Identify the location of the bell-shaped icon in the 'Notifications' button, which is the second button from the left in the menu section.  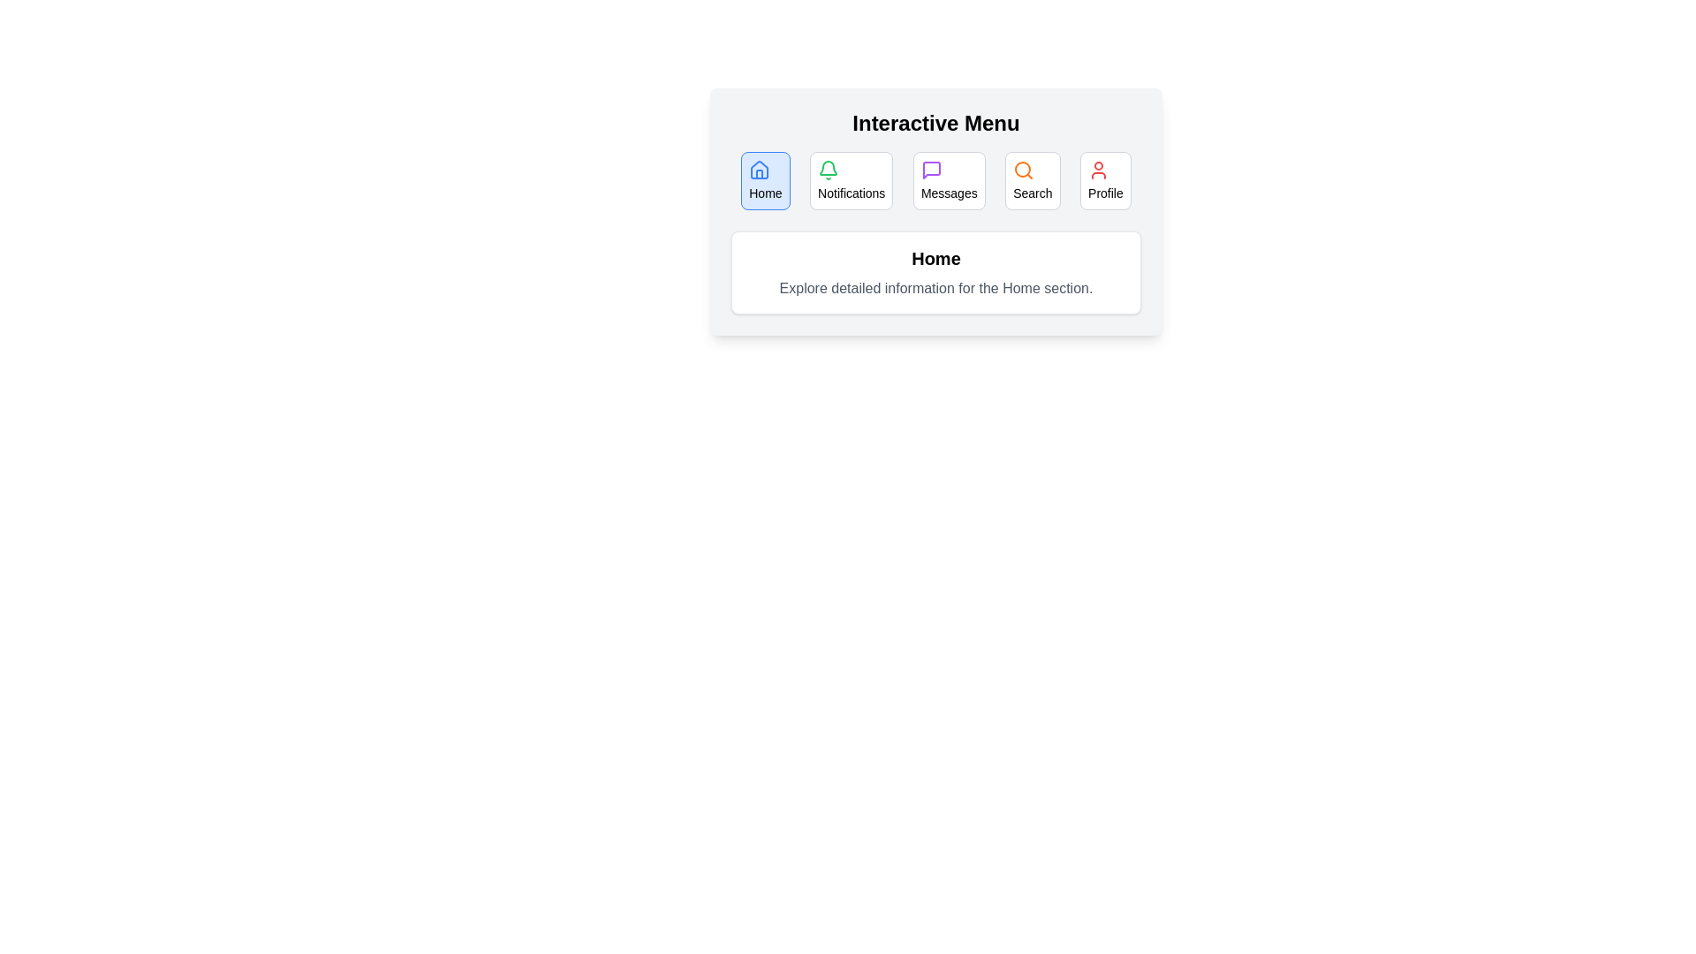
(828, 168).